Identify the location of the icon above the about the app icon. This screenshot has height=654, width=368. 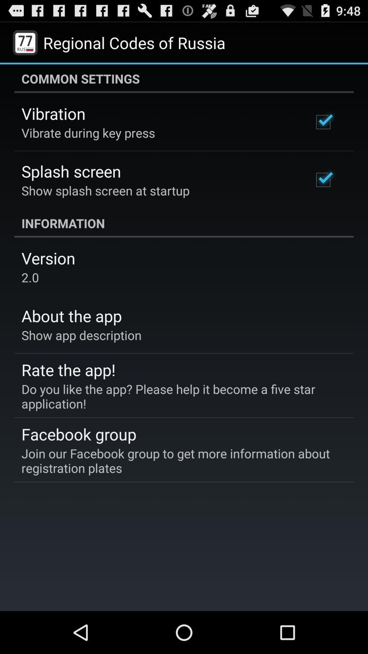
(30, 277).